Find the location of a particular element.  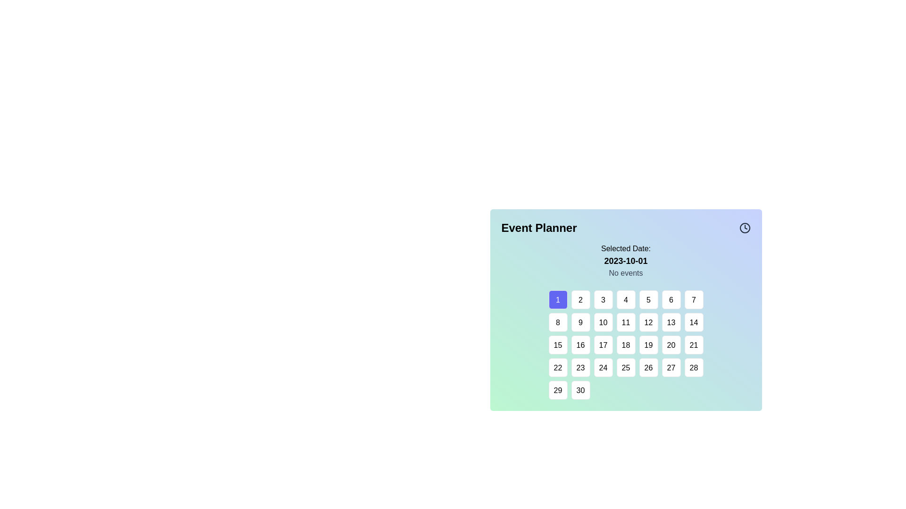

the button representing the date '25' in the calendar interface is located at coordinates (626, 367).